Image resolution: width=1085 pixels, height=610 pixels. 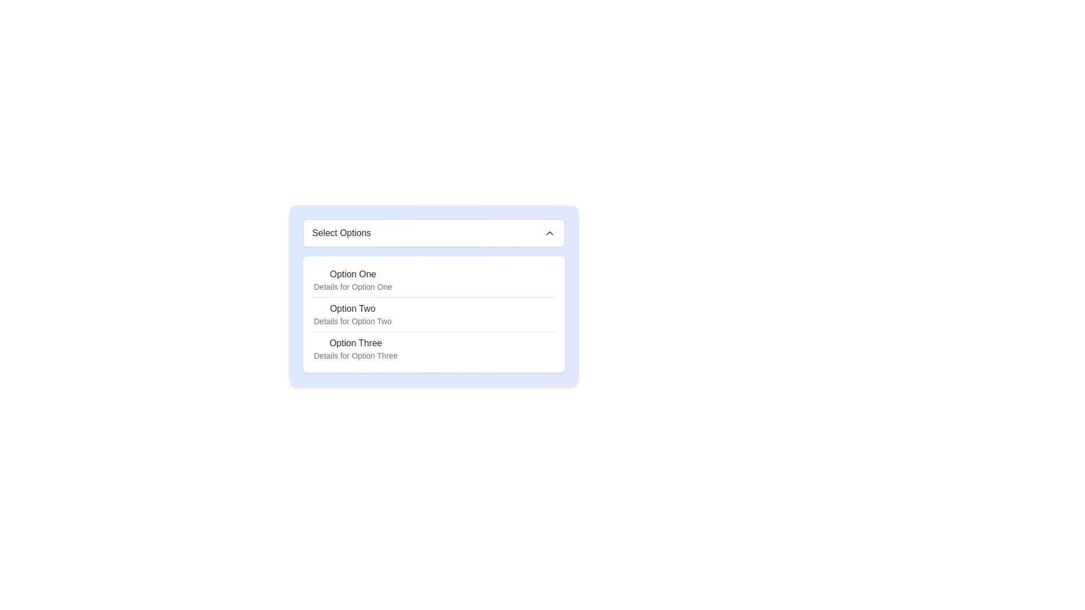 What do you see at coordinates (433, 314) in the screenshot?
I see `the middle item of the grouped list element labeled 'Option Two' to trigger hover styling effects` at bounding box center [433, 314].